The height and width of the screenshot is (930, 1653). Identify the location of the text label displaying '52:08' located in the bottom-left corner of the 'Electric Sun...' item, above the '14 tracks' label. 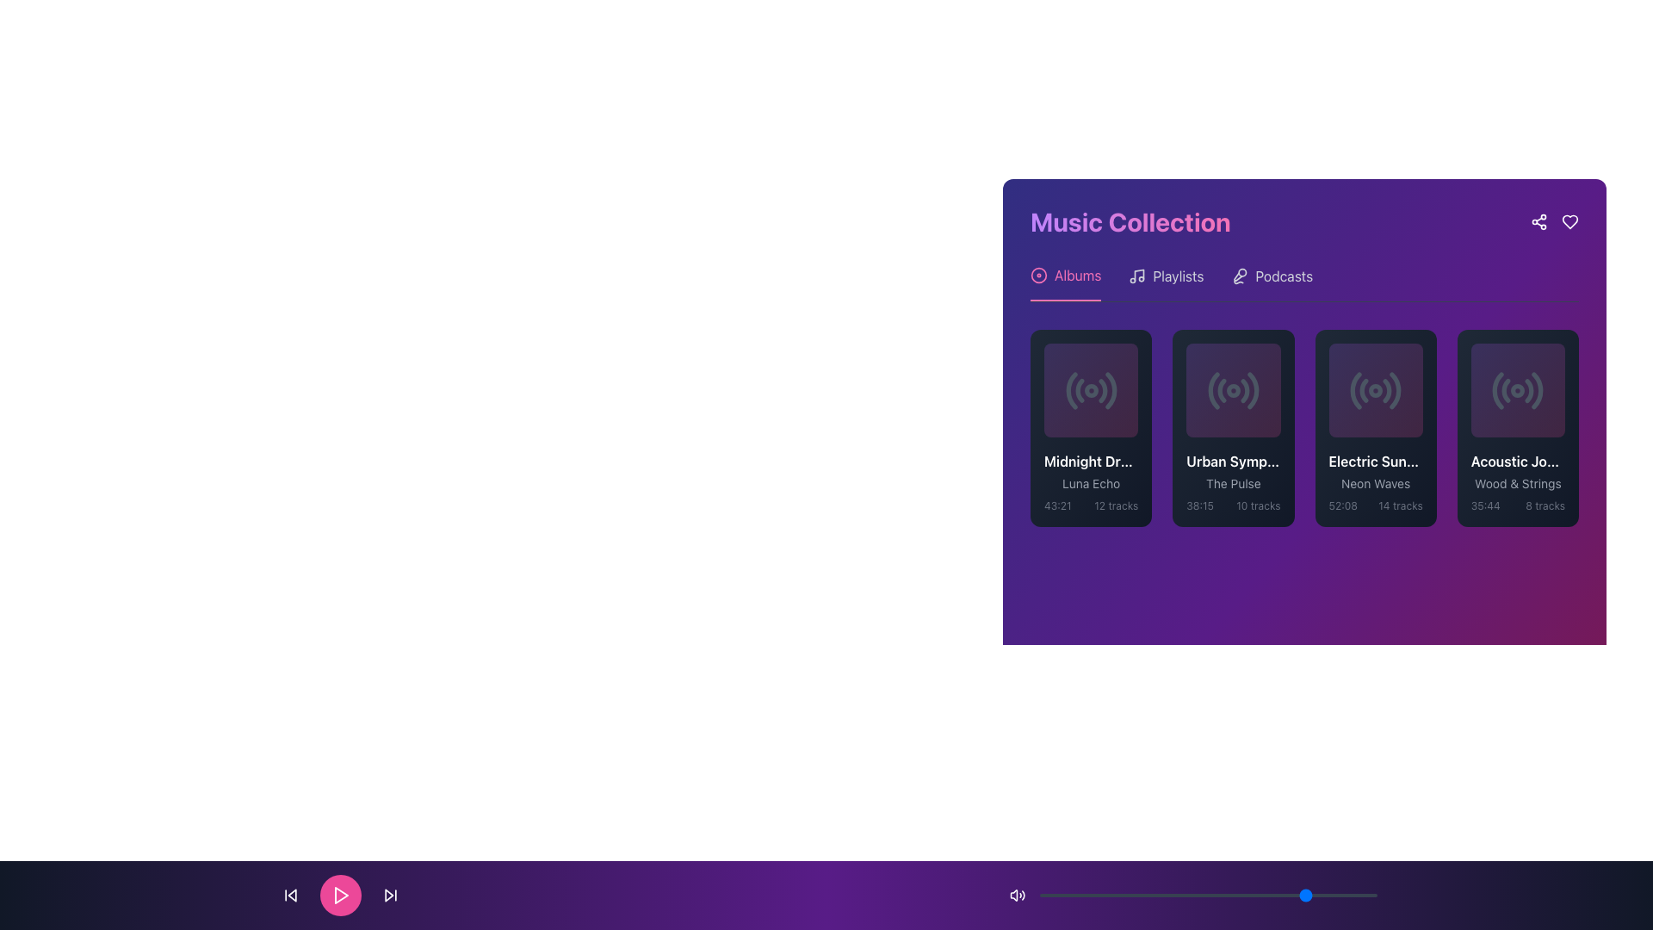
(1342, 505).